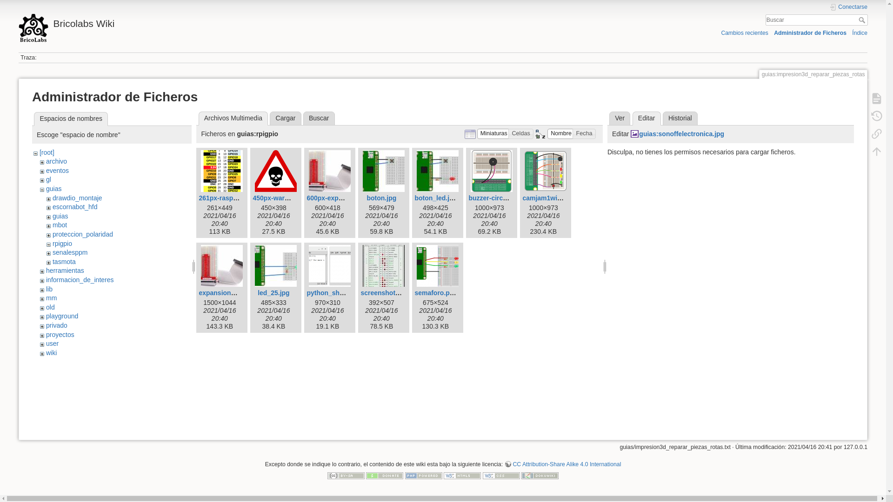 Image resolution: width=893 pixels, height=502 pixels. I want to click on 'rpigpio', so click(62, 243).